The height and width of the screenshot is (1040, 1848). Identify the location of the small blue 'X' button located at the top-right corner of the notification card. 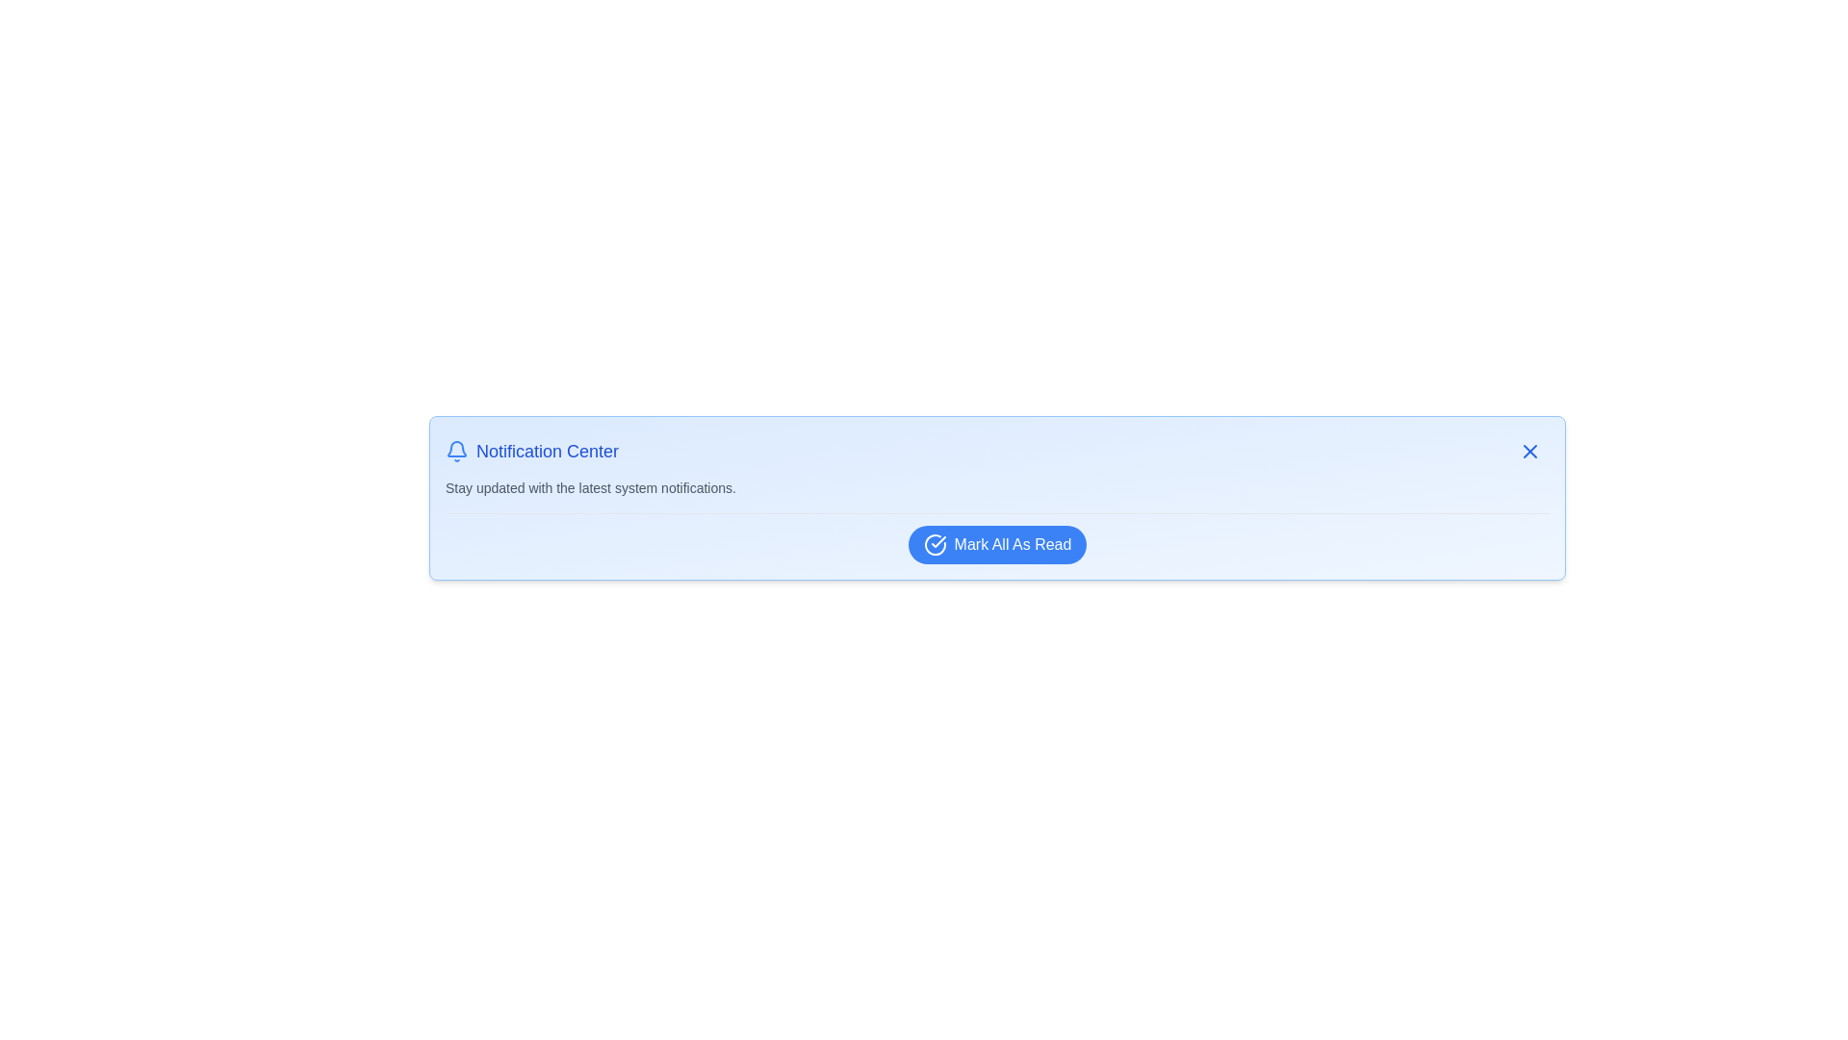
(1528, 452).